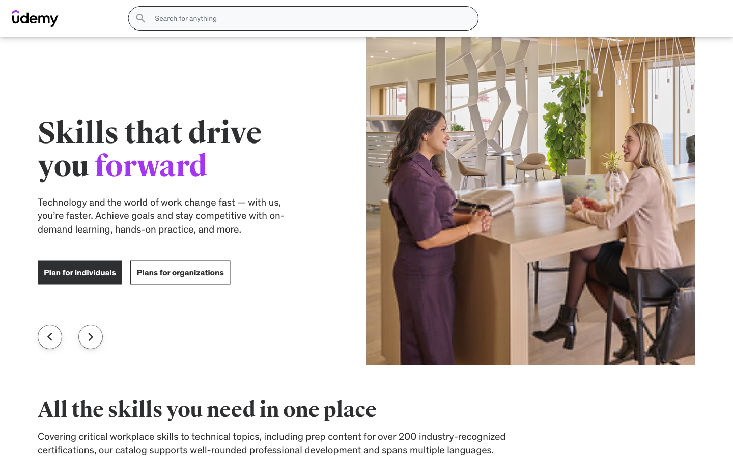 This screenshot has height=458, width=733. What do you see at coordinates (344, 45) in the screenshot?
I see `the Phones Page` at bounding box center [344, 45].